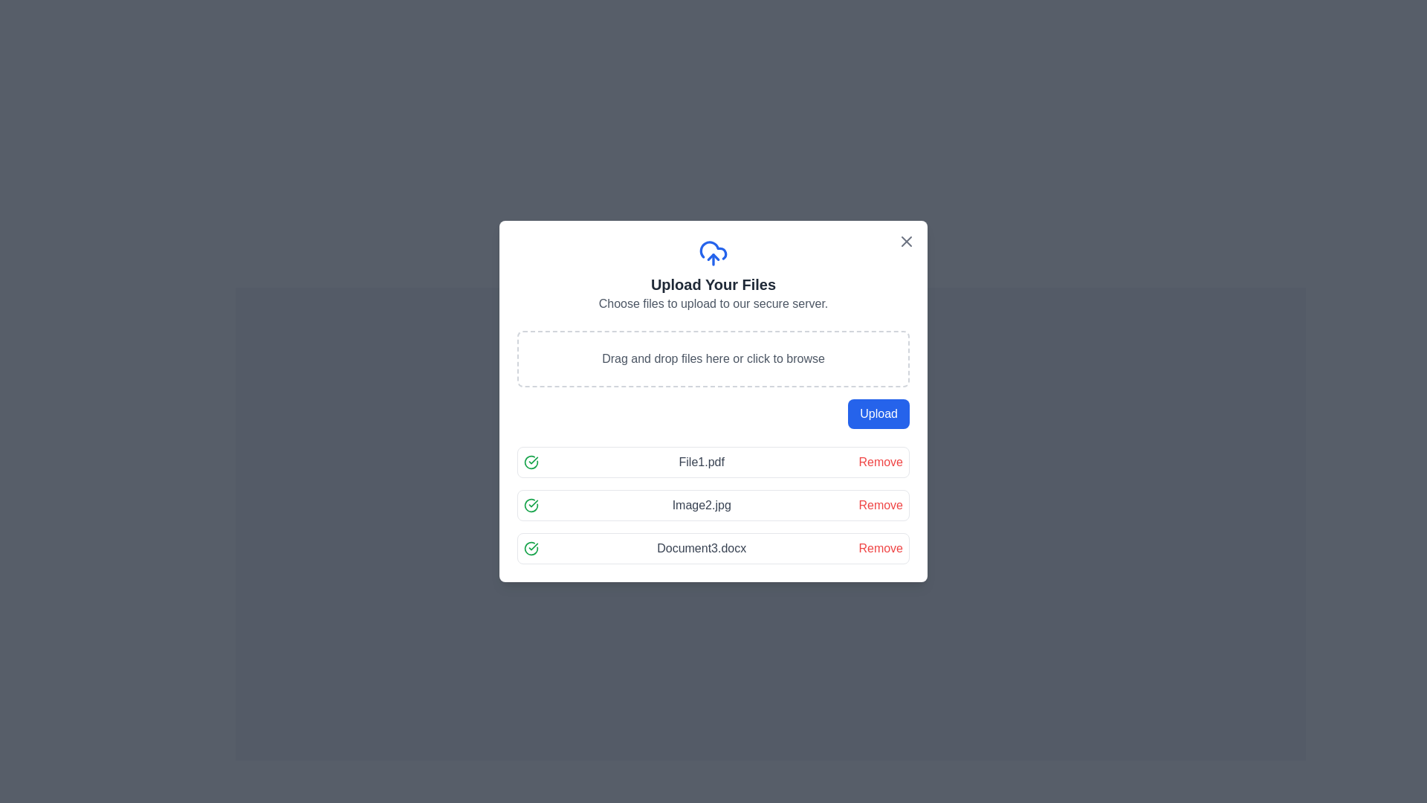 Image resolution: width=1427 pixels, height=803 pixels. What do you see at coordinates (713, 548) in the screenshot?
I see `filename 'Document3.docx' displayed in the last List Item with Action Button under the 'Upload Your Files' section` at bounding box center [713, 548].